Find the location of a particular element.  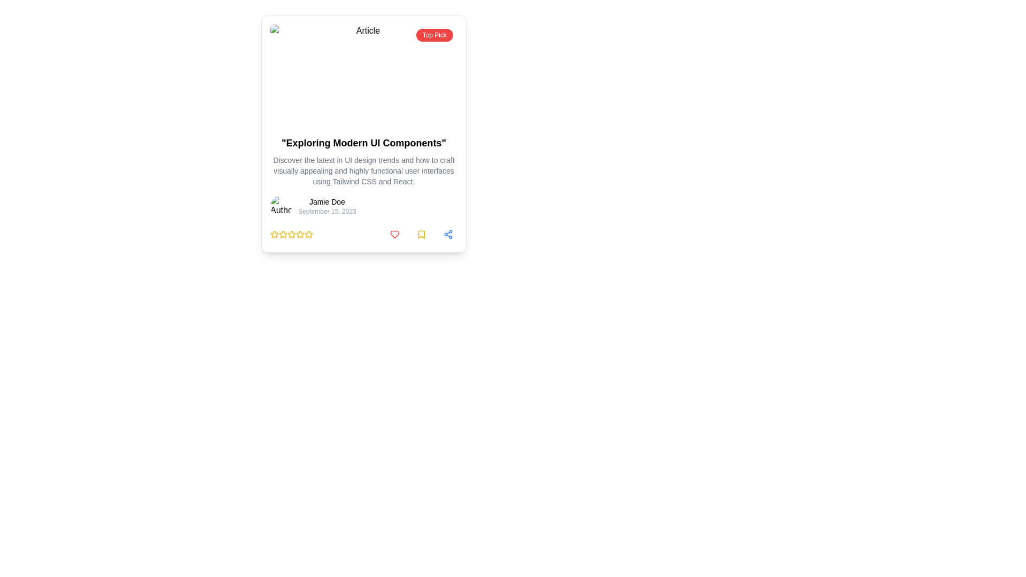

the third yellow outlined star icon in the group of five stars located below the article title and author information is located at coordinates (292, 233).